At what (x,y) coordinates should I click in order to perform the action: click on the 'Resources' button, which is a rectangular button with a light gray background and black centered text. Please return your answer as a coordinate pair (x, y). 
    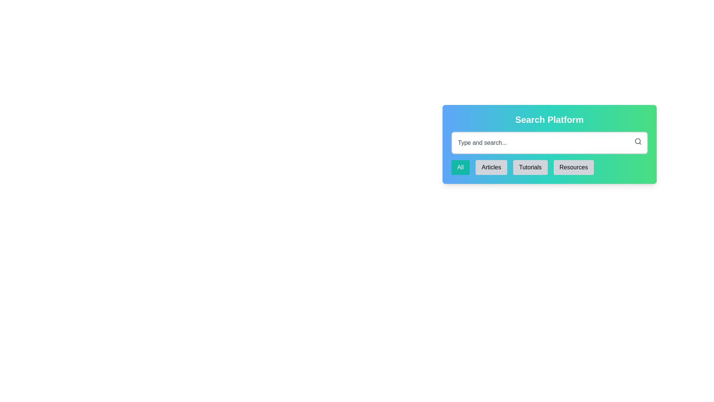
    Looking at the image, I should click on (573, 167).